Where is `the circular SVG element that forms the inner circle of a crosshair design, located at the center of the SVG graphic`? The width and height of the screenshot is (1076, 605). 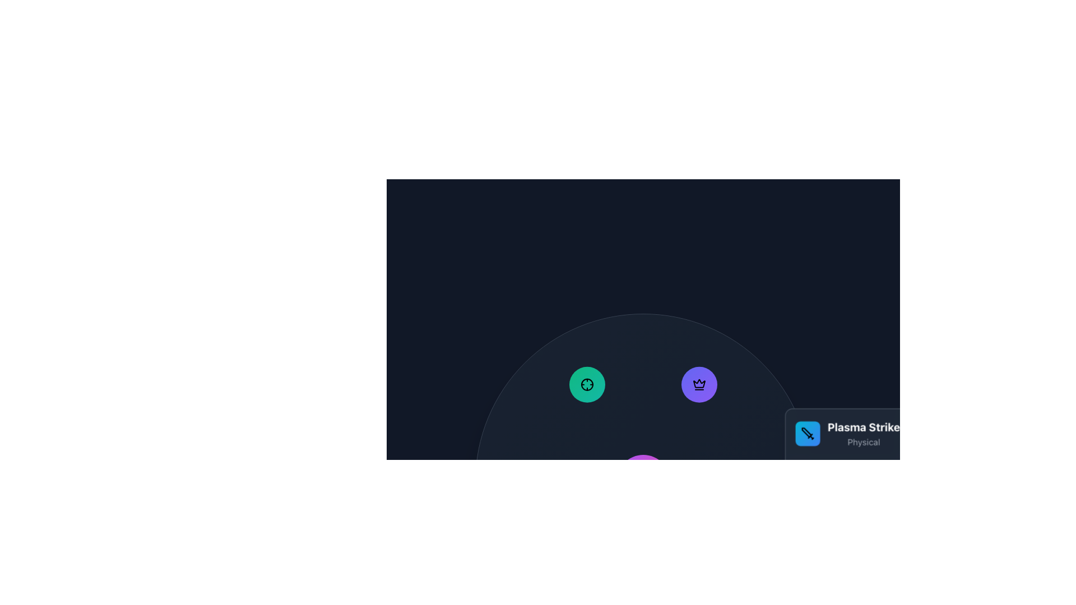 the circular SVG element that forms the inner circle of a crosshair design, located at the center of the SVG graphic is located at coordinates (586, 384).